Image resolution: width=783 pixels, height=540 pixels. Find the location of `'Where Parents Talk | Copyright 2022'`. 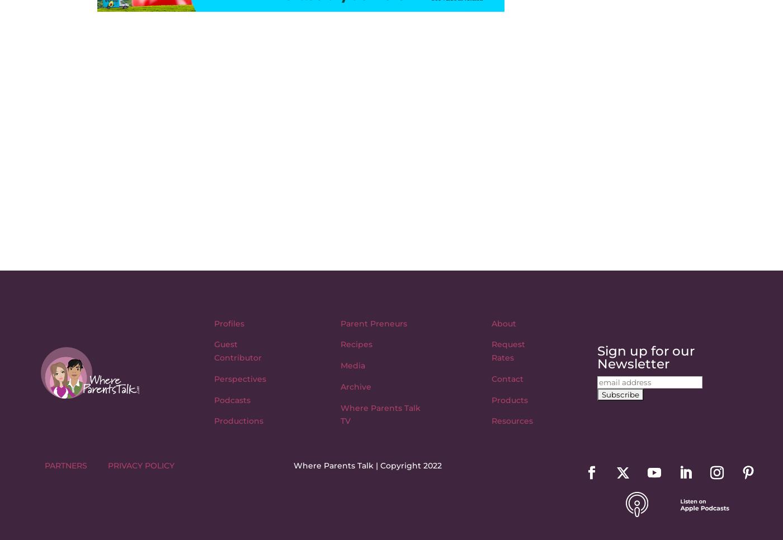

'Where Parents Talk | Copyright 2022' is located at coordinates (367, 465).